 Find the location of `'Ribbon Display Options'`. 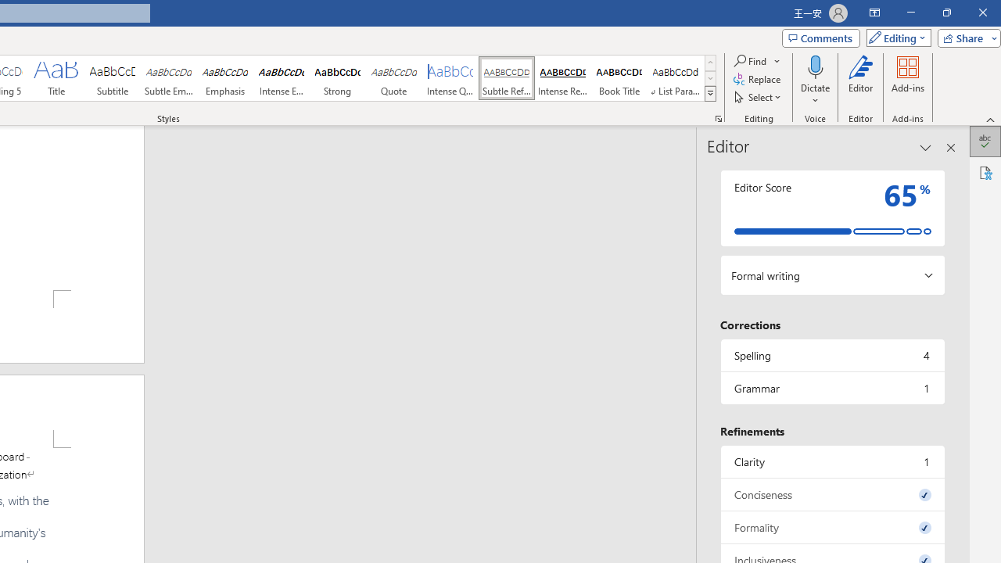

'Ribbon Display Options' is located at coordinates (874, 13).